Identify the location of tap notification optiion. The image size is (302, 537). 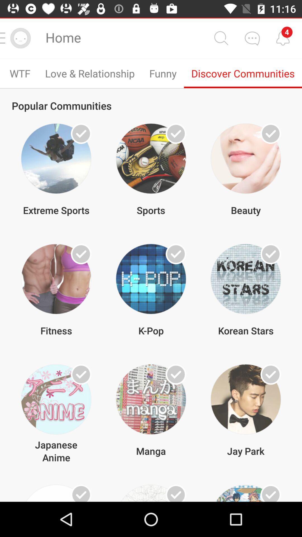
(283, 38).